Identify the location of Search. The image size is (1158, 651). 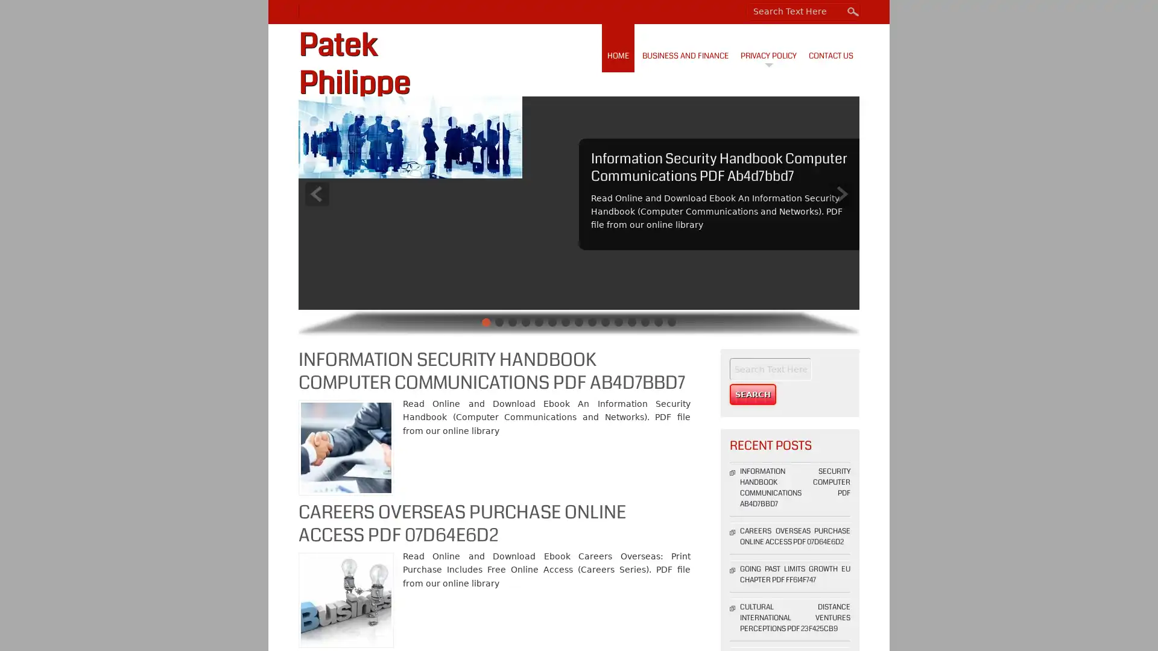
(752, 394).